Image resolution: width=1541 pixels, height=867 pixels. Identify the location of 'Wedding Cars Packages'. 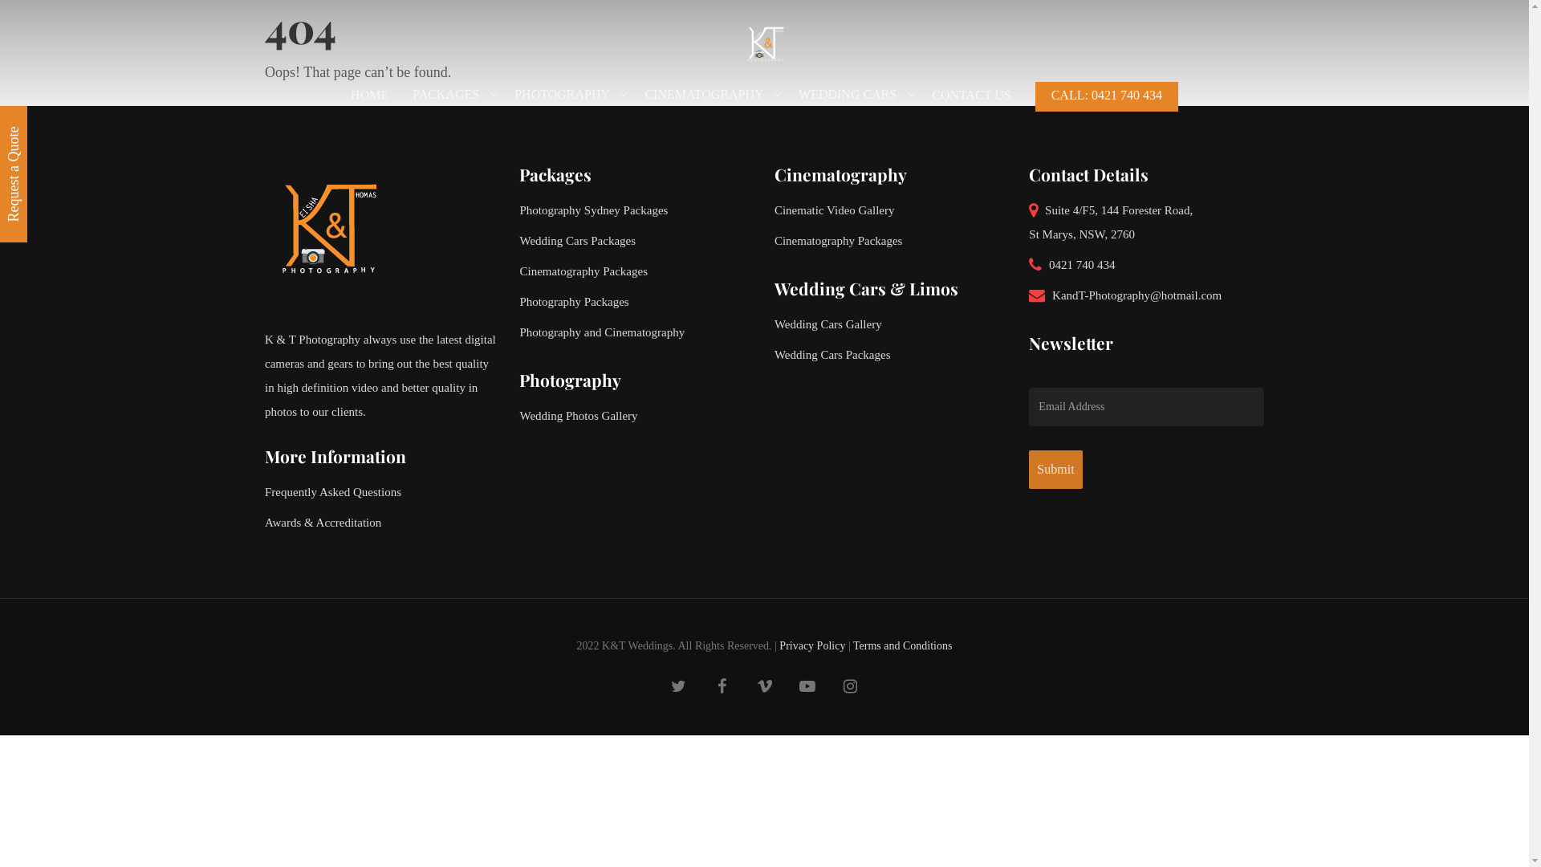
(519, 241).